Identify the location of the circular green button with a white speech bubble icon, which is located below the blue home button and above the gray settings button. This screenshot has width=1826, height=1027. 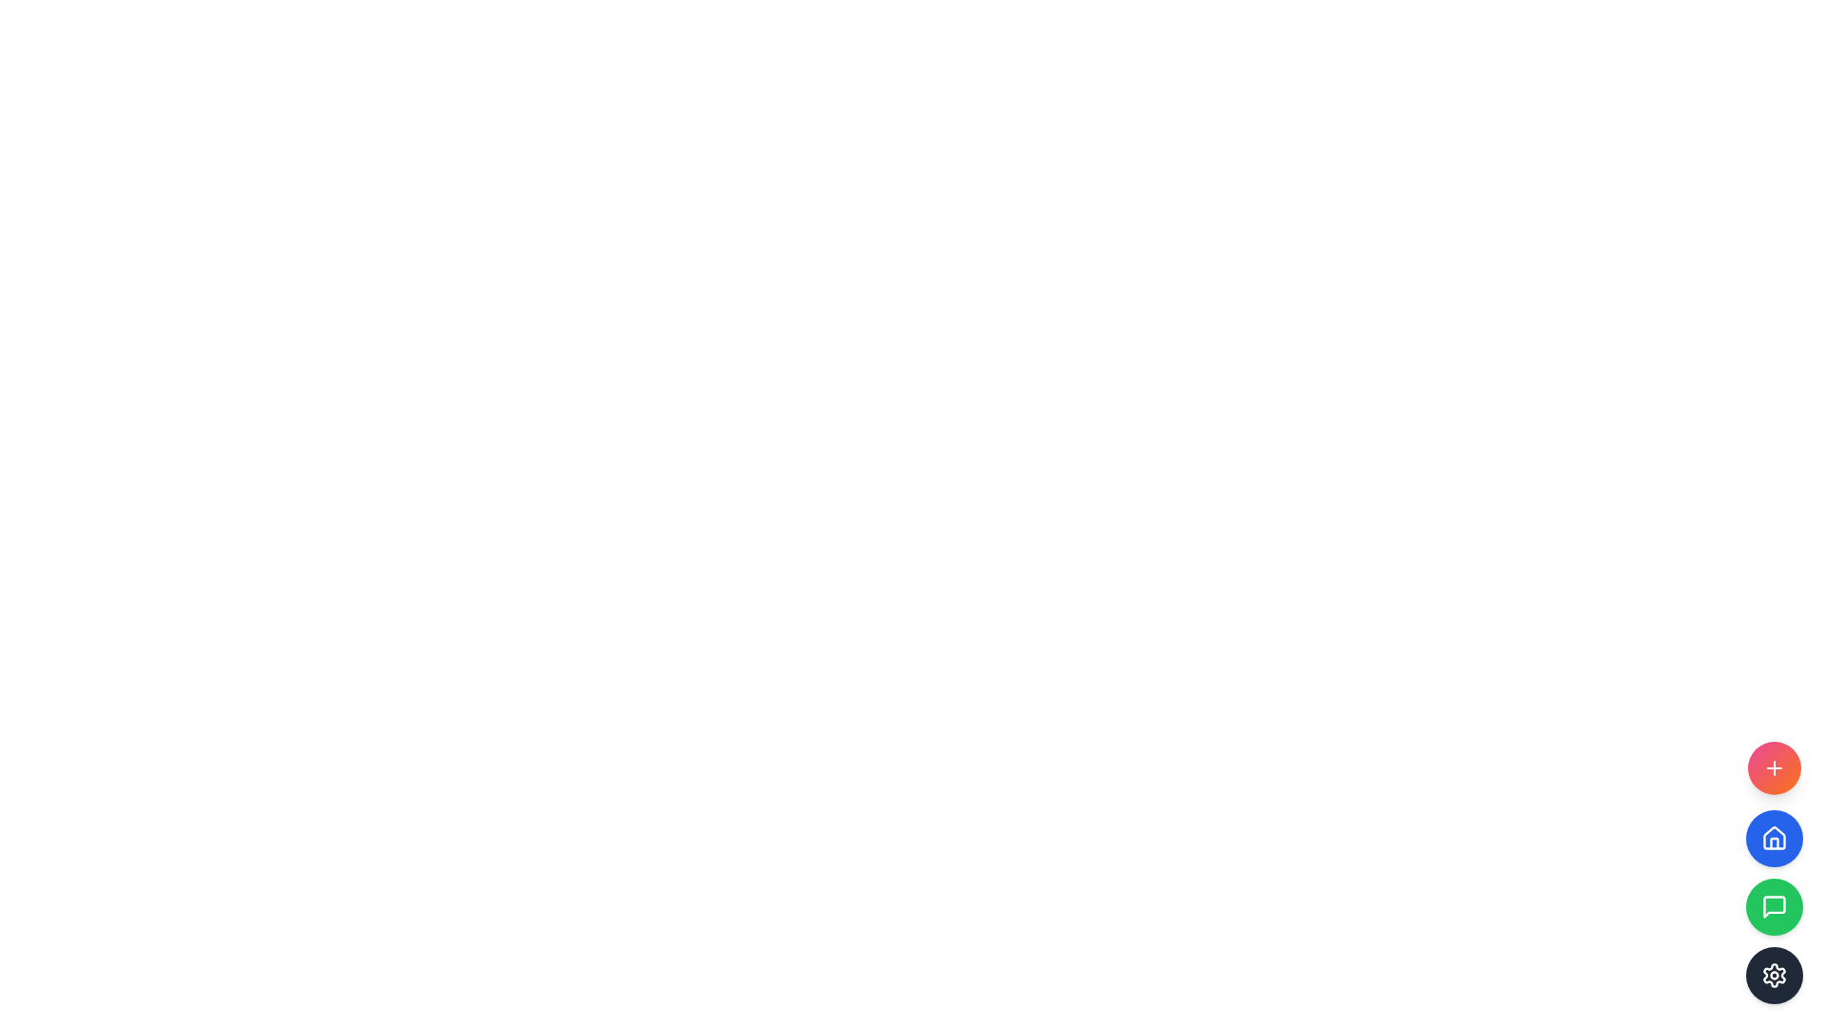
(1774, 905).